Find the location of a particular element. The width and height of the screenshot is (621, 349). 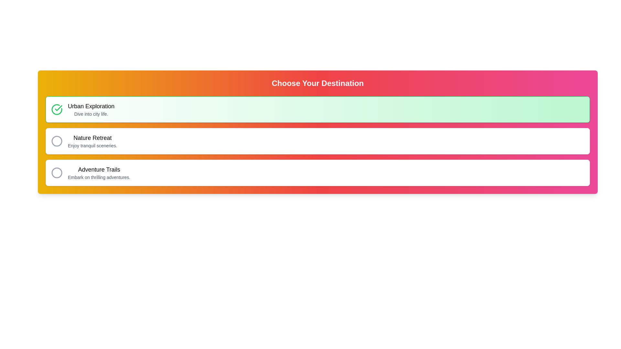

the text block that provides descriptive content for the 'Urban Exploration' option is located at coordinates (91, 109).